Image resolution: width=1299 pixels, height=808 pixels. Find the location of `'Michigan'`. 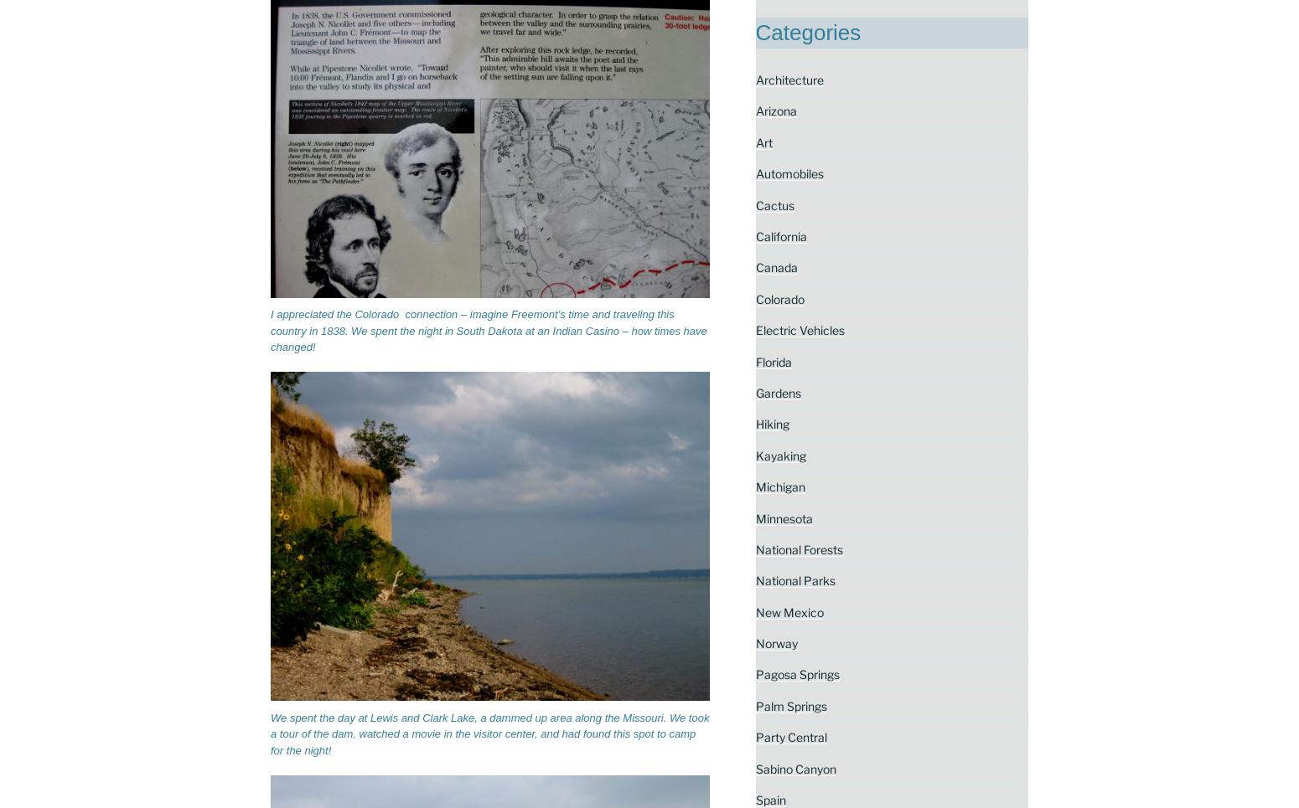

'Michigan' is located at coordinates (779, 486).